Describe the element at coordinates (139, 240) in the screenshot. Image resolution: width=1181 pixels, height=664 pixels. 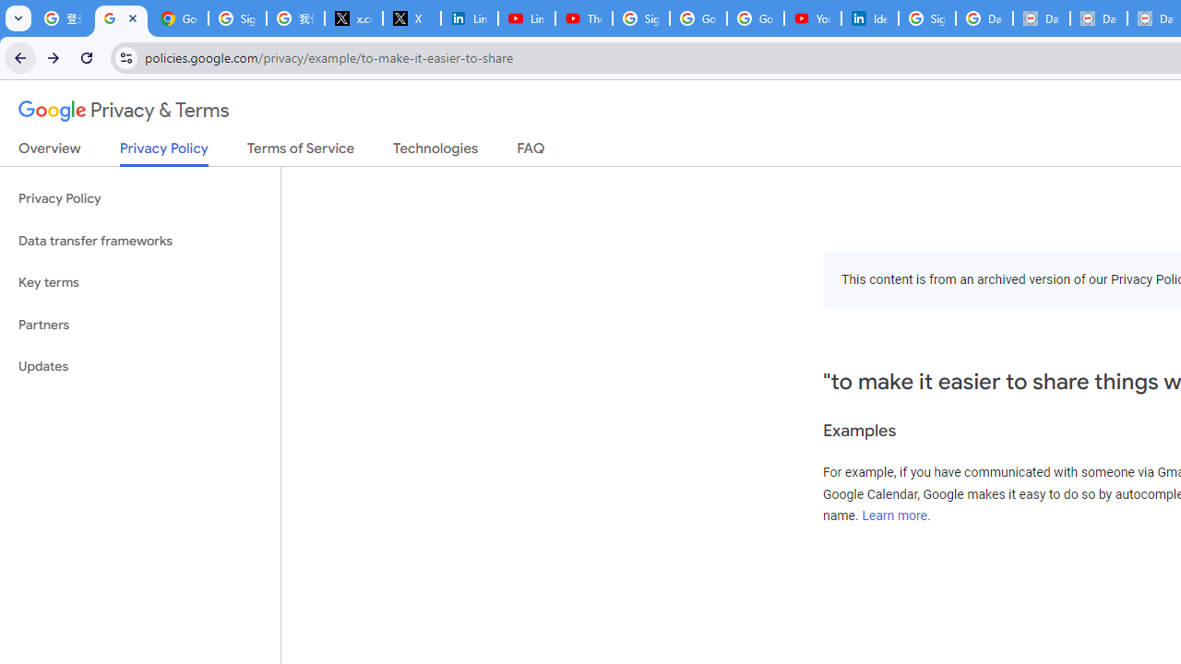
I see `'Data transfer frameworks'` at that location.